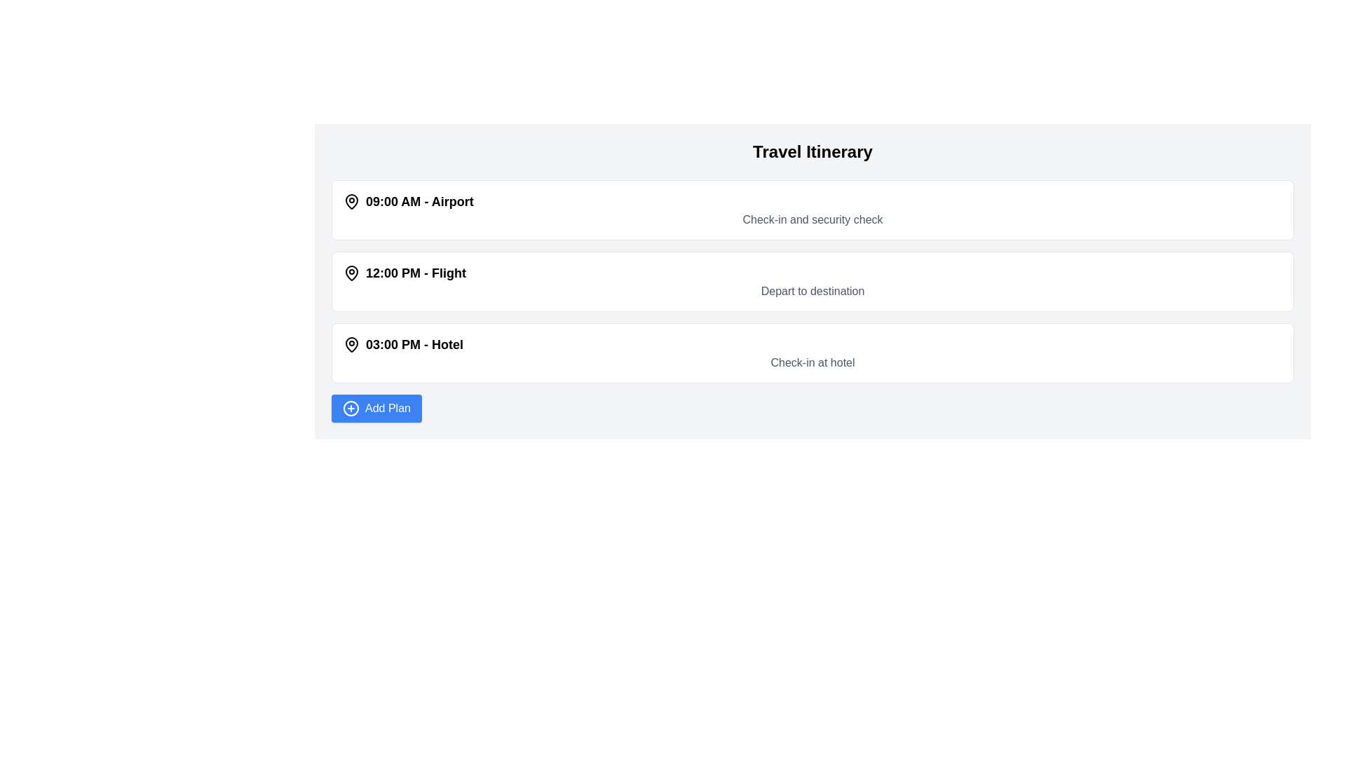  I want to click on the text element styled with gray color reading 'Check-in at hotel' located in the third item of the travel itinerary list, positioned below the '03:00 PM - Hotel' title, so click(813, 362).